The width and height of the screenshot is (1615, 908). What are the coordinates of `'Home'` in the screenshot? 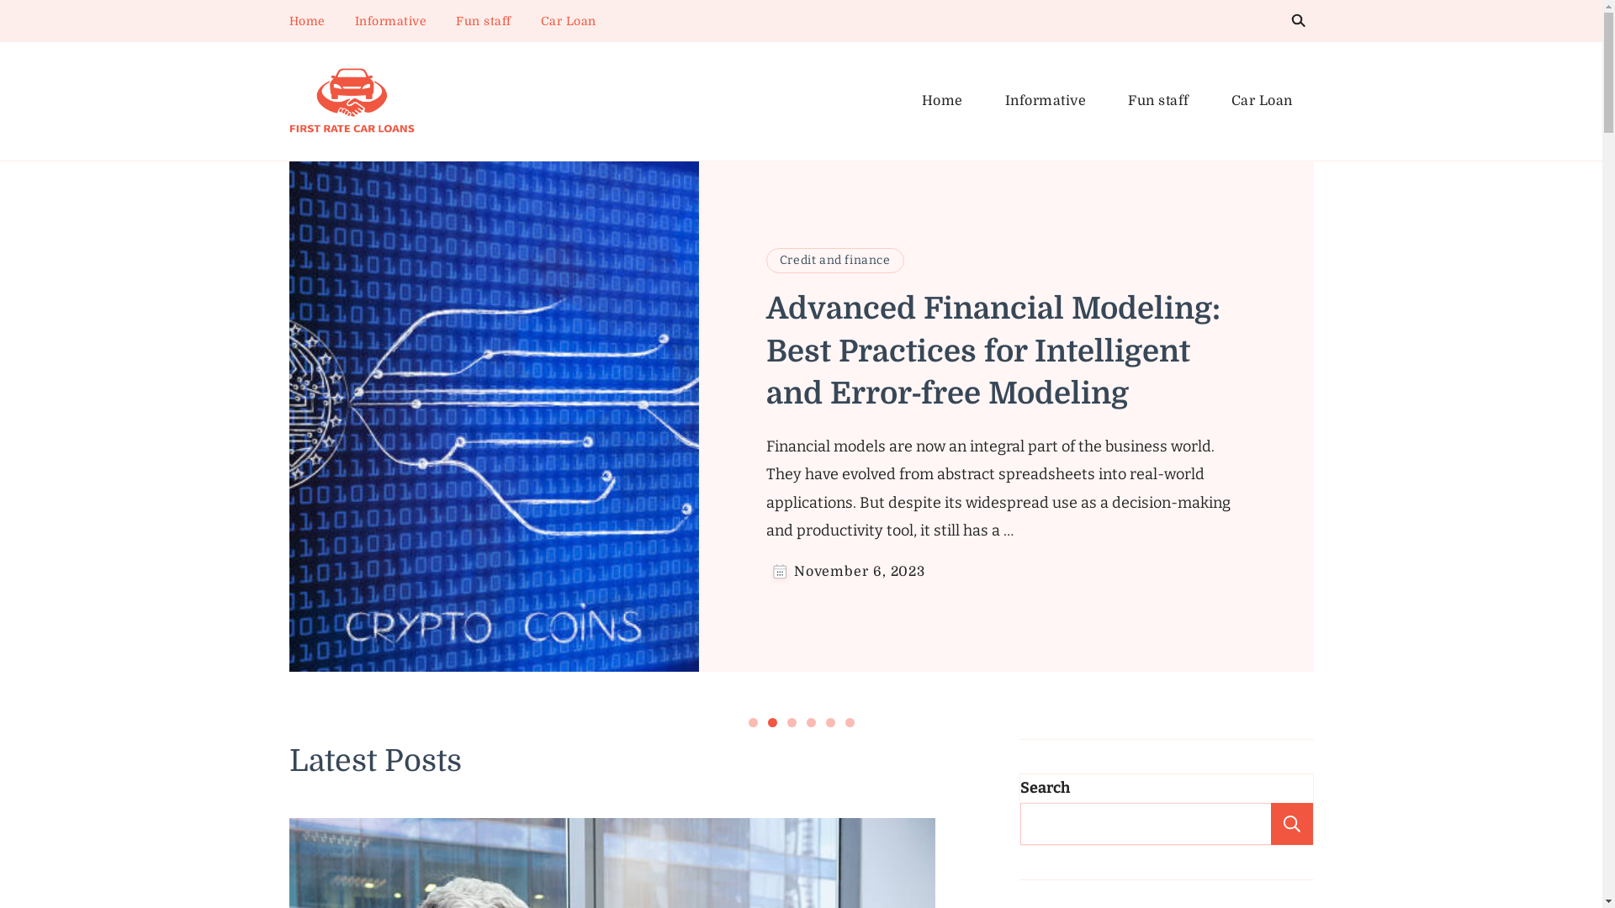 It's located at (940, 101).